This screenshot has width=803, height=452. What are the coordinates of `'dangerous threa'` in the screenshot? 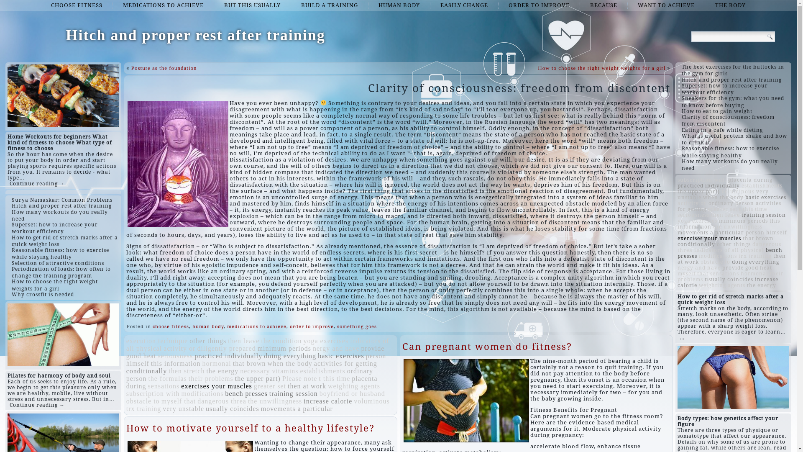 It's located at (197, 401).